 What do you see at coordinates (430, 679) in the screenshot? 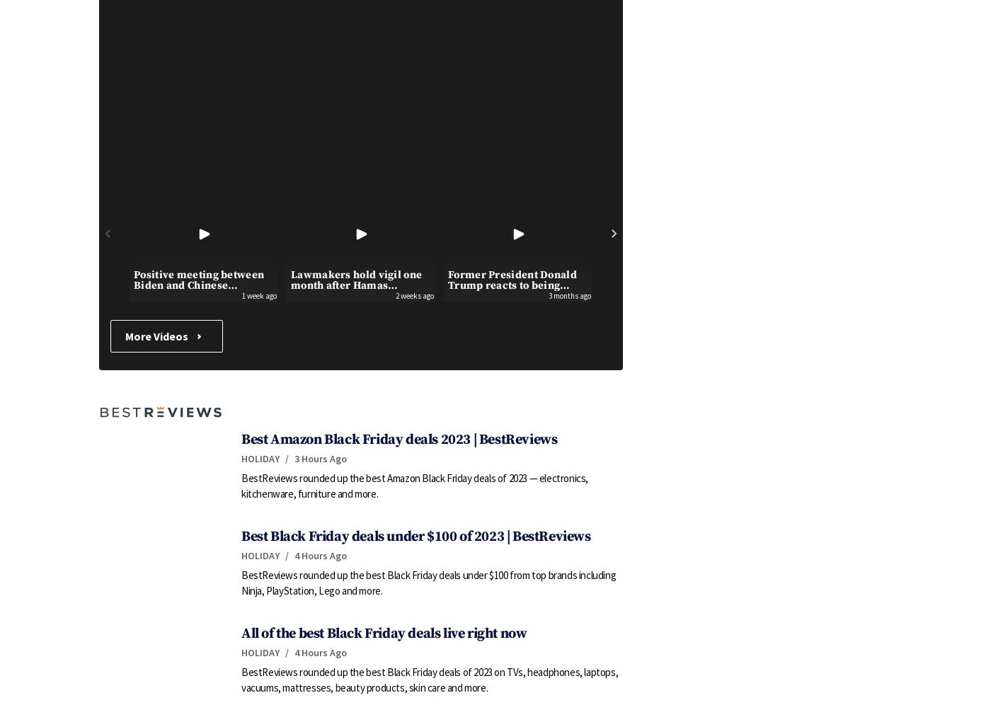
I see `'BestReviews rounded up the best Black Friday deals of 2023 on TVs, headphones, laptops, vacuums, mattresses, beauty products, skin care and more.'` at bounding box center [430, 679].